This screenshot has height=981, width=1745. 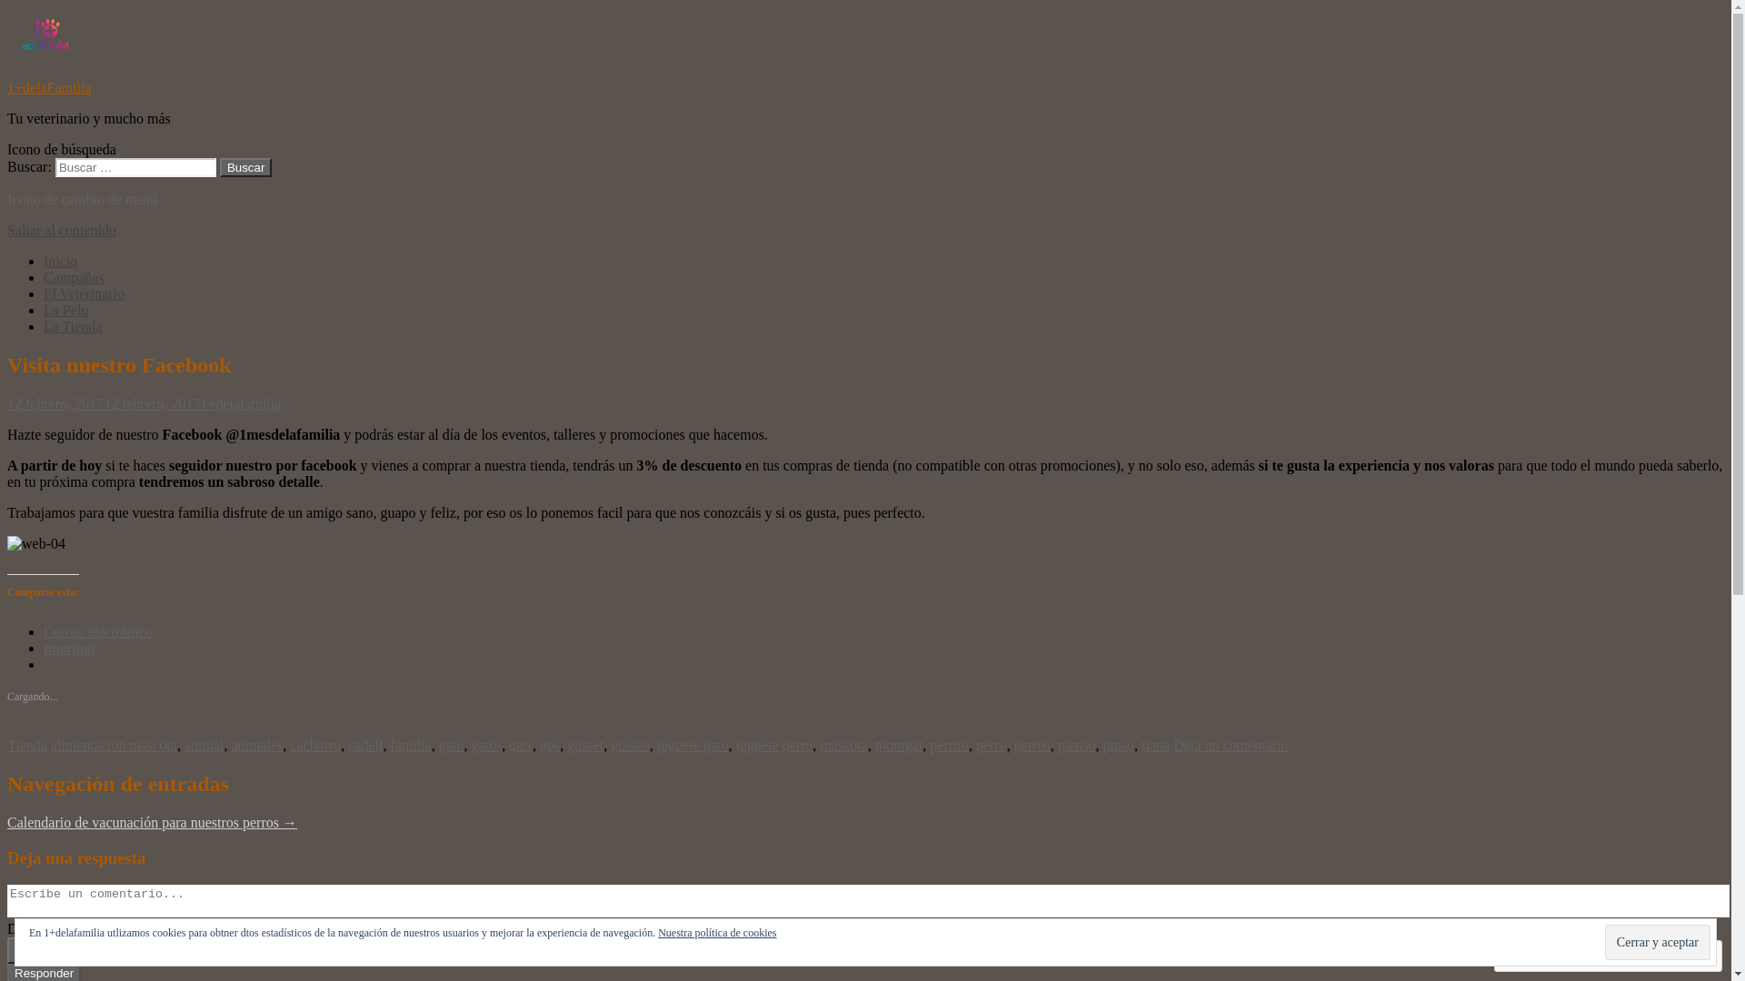 What do you see at coordinates (1154, 745) in the screenshot?
I see `'tiana'` at bounding box center [1154, 745].